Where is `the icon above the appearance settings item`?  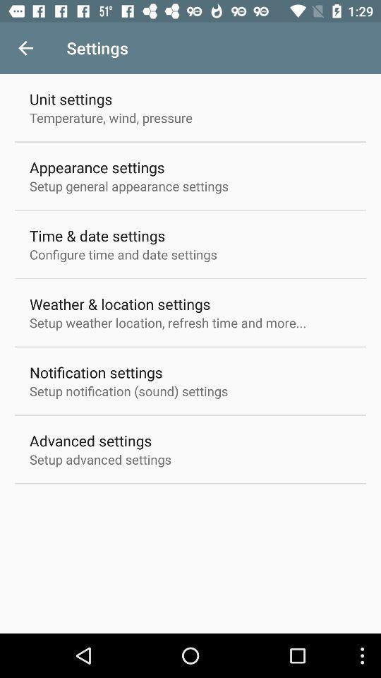
the icon above the appearance settings item is located at coordinates (110, 117).